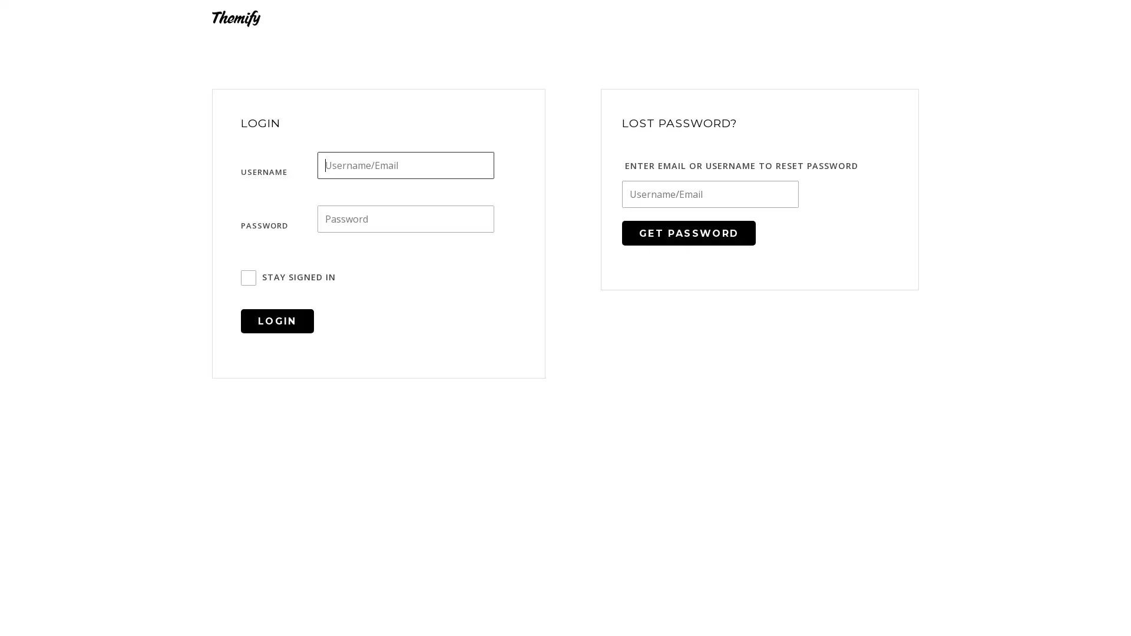 This screenshot has height=636, width=1131. I want to click on Login, so click(276, 320).